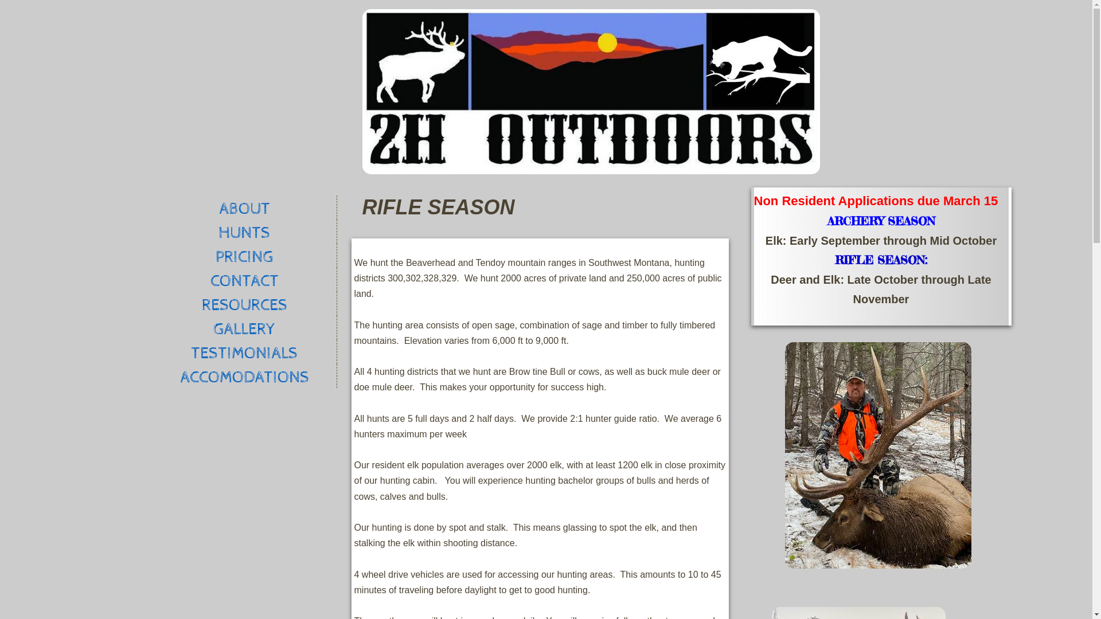 The image size is (1101, 619). Describe the element at coordinates (244, 375) in the screenshot. I see `'ACCOMODATIONS'` at that location.